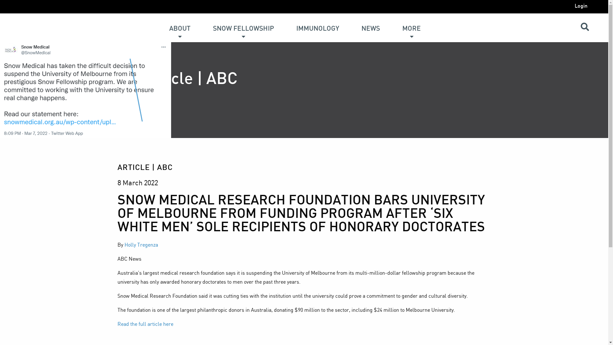  Describe the element at coordinates (179, 23) in the screenshot. I see `'ABOUT'` at that location.